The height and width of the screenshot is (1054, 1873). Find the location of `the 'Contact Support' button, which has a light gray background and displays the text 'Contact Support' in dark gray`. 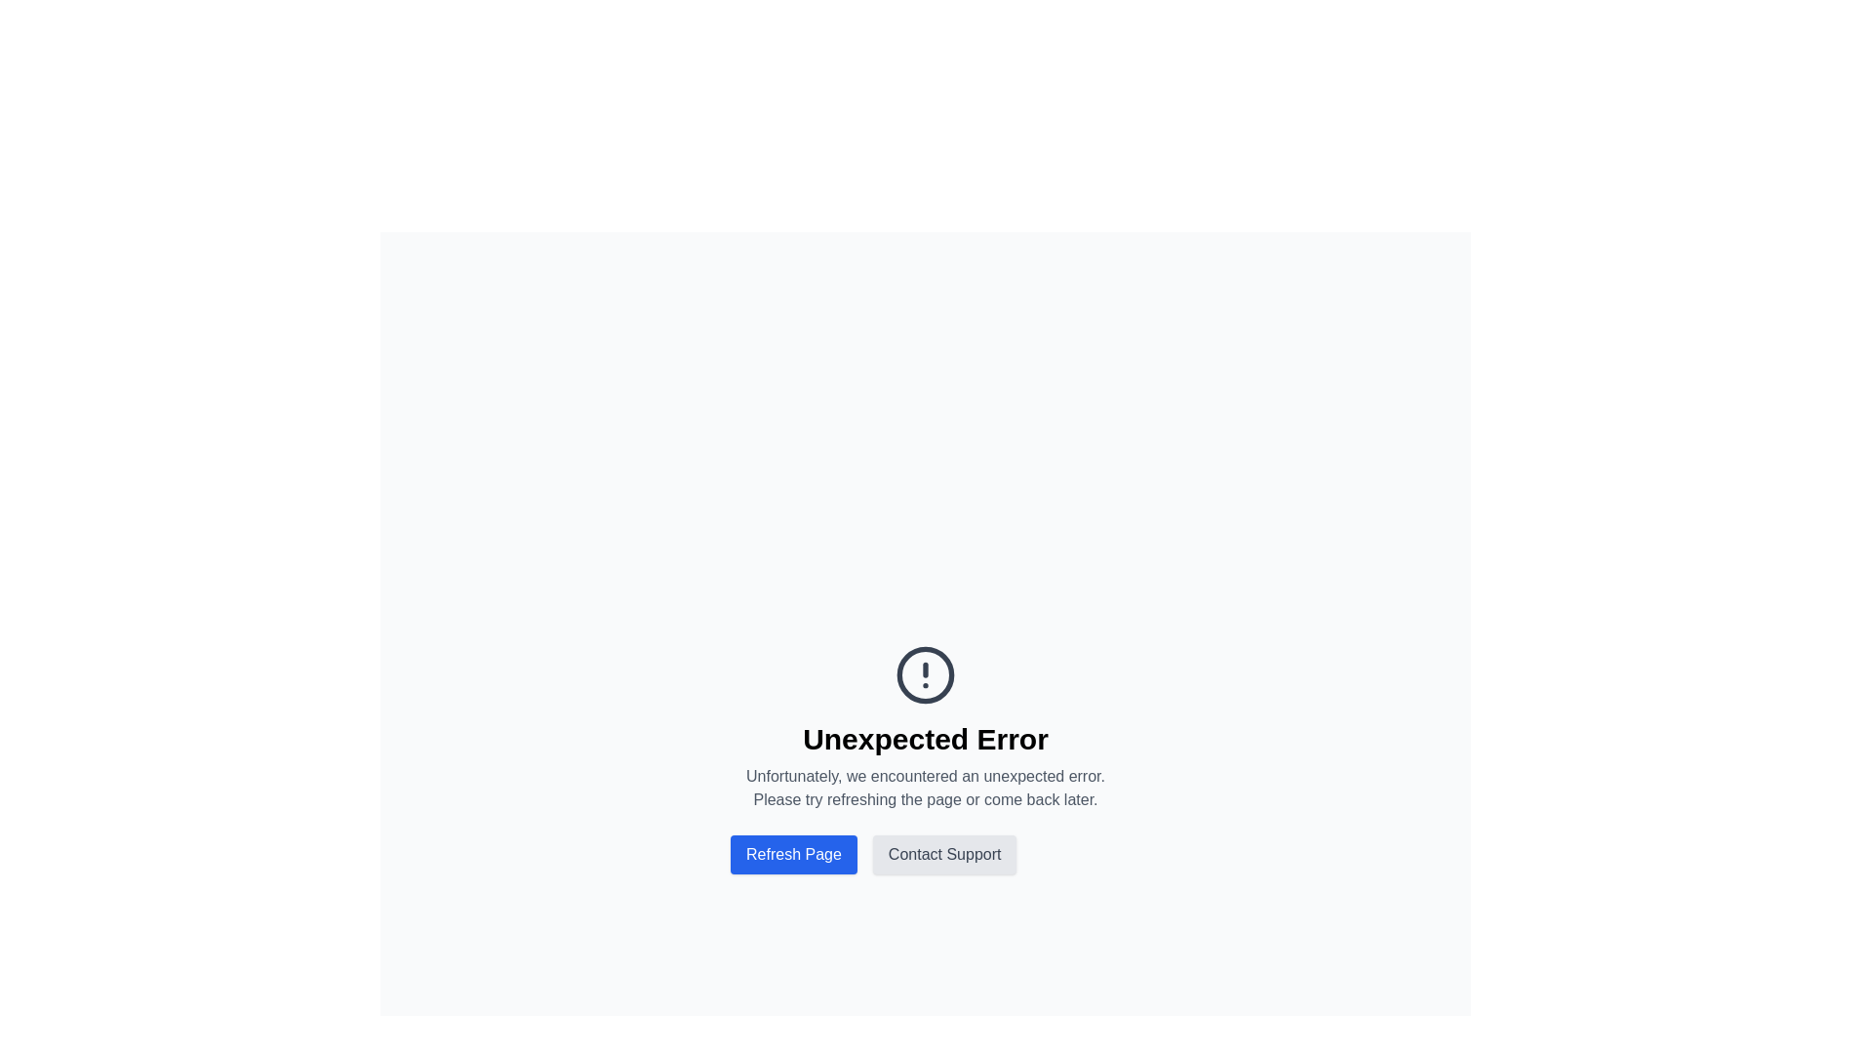

the 'Contact Support' button, which has a light gray background and displays the text 'Contact Support' in dark gray is located at coordinates (944, 853).